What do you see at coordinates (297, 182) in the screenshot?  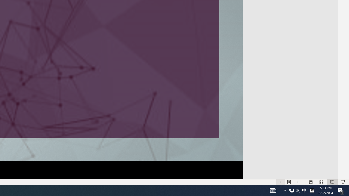 I see `'Slide Show Next On'` at bounding box center [297, 182].